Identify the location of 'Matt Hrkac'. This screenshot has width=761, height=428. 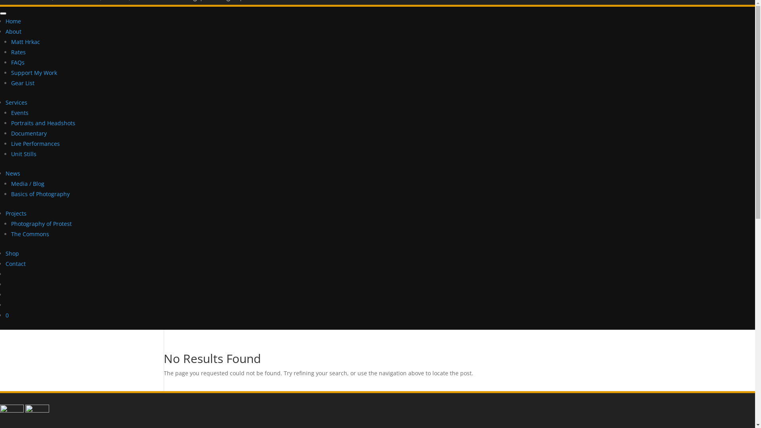
(25, 42).